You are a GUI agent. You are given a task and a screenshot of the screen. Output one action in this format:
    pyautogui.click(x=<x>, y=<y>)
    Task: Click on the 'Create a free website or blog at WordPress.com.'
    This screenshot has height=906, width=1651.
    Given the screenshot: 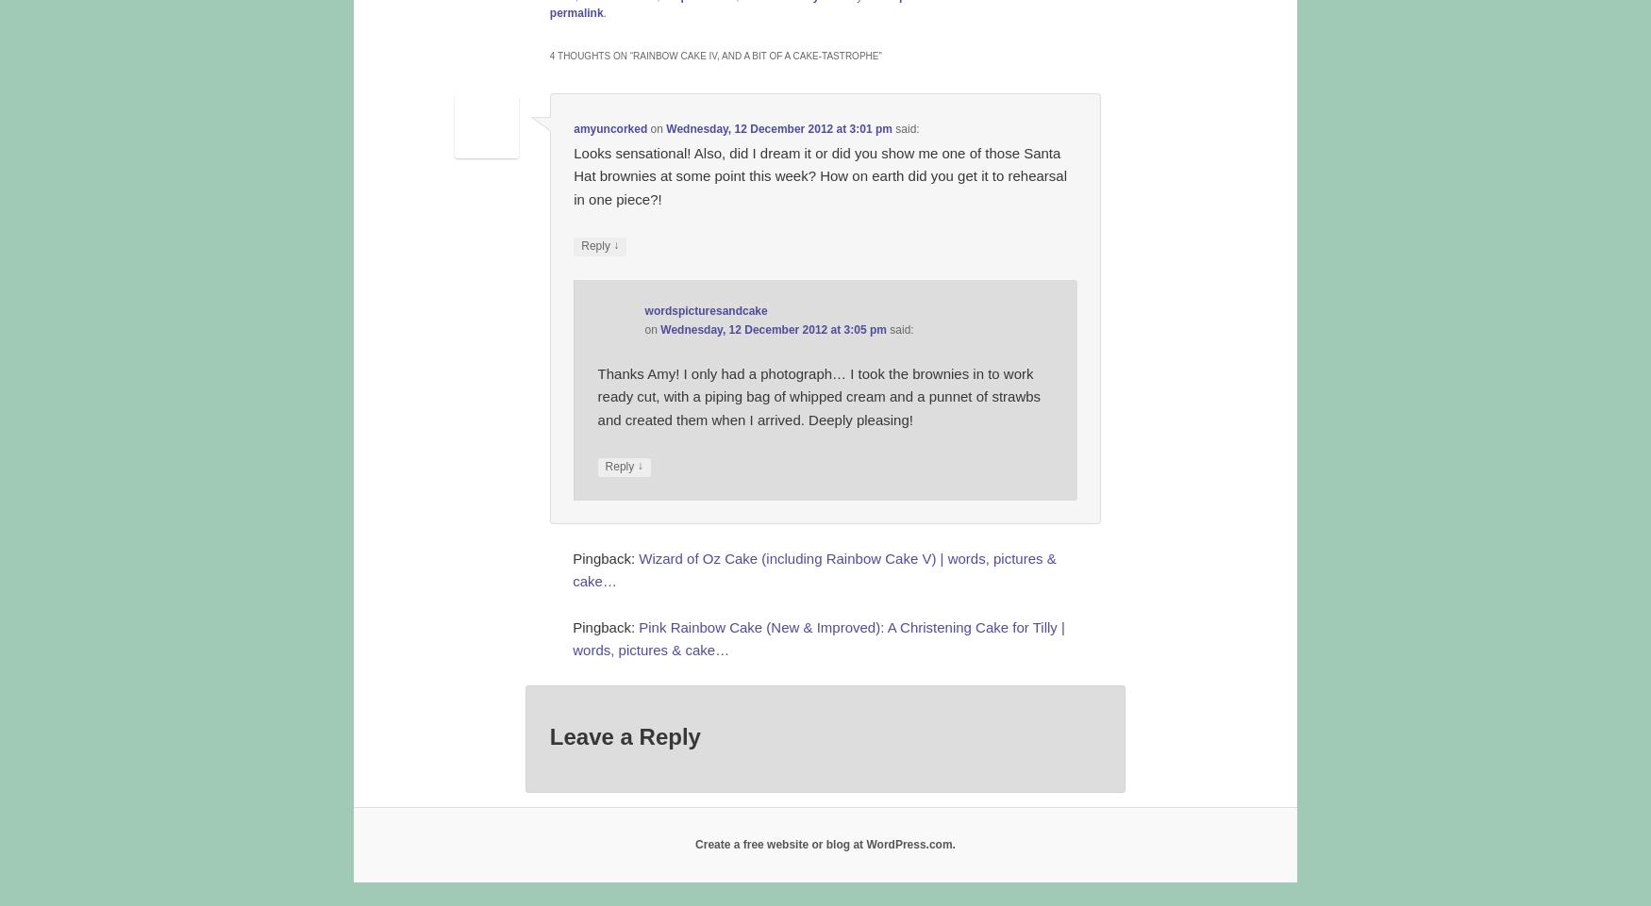 What is the action you would take?
    pyautogui.click(x=825, y=844)
    